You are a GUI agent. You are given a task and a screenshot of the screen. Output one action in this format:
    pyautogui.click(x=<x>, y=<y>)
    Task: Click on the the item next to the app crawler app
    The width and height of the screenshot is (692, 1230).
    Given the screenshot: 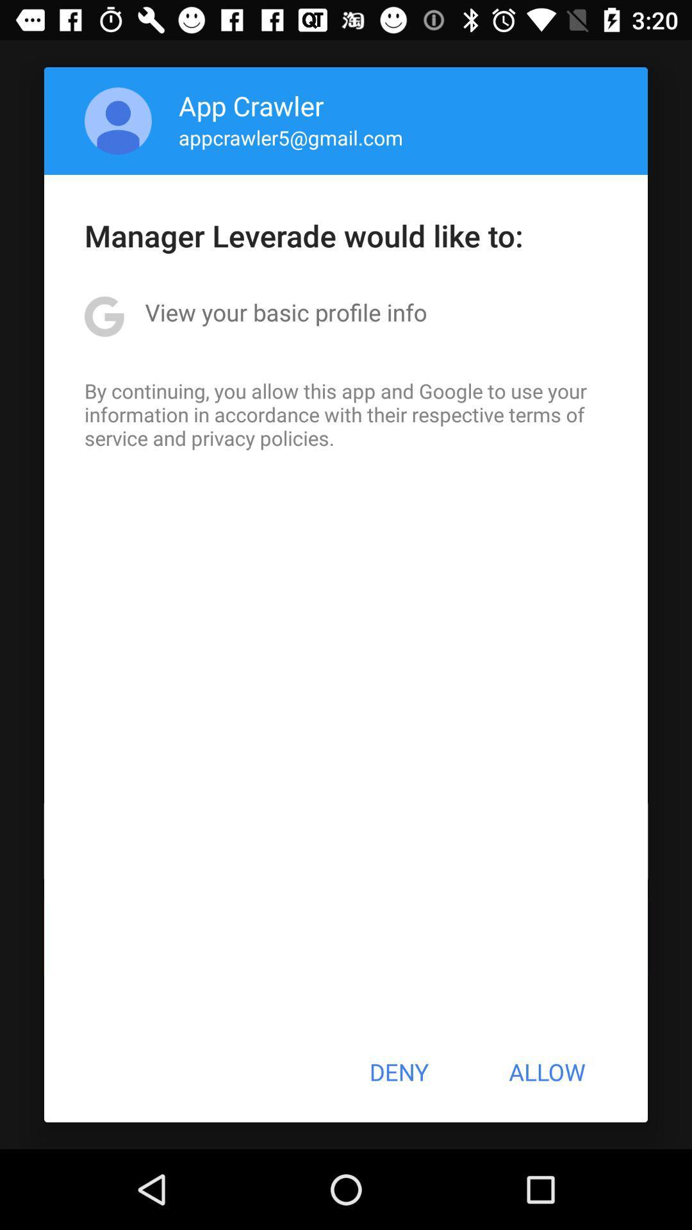 What is the action you would take?
    pyautogui.click(x=118, y=120)
    